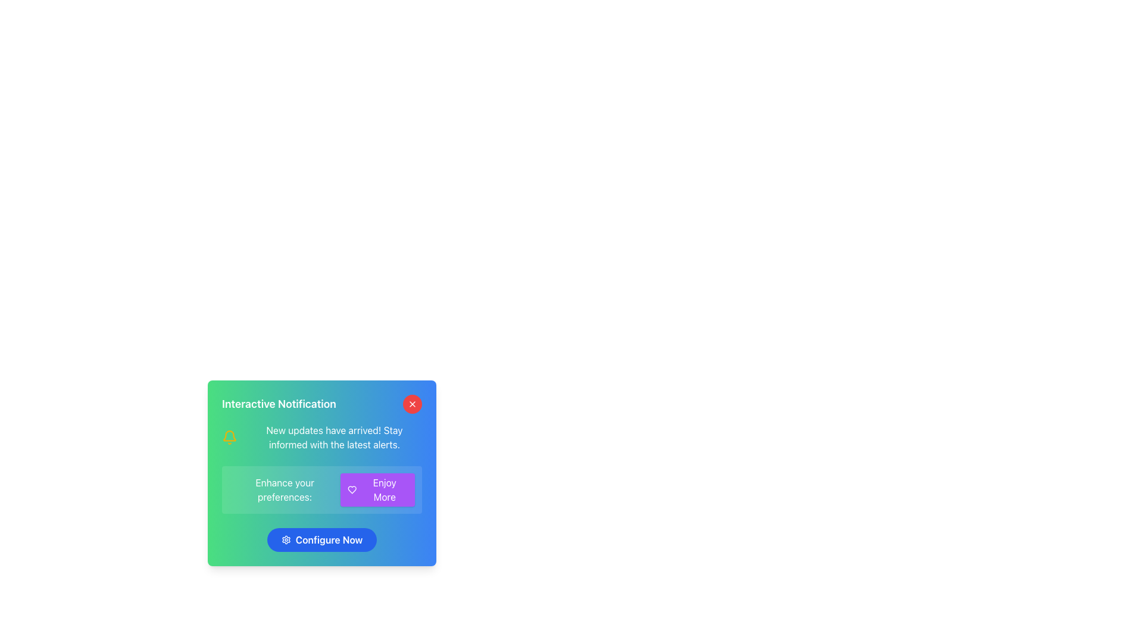 The height and width of the screenshot is (643, 1143). I want to click on the button in the top-right corner next to 'Interactive Notification', so click(412, 403).